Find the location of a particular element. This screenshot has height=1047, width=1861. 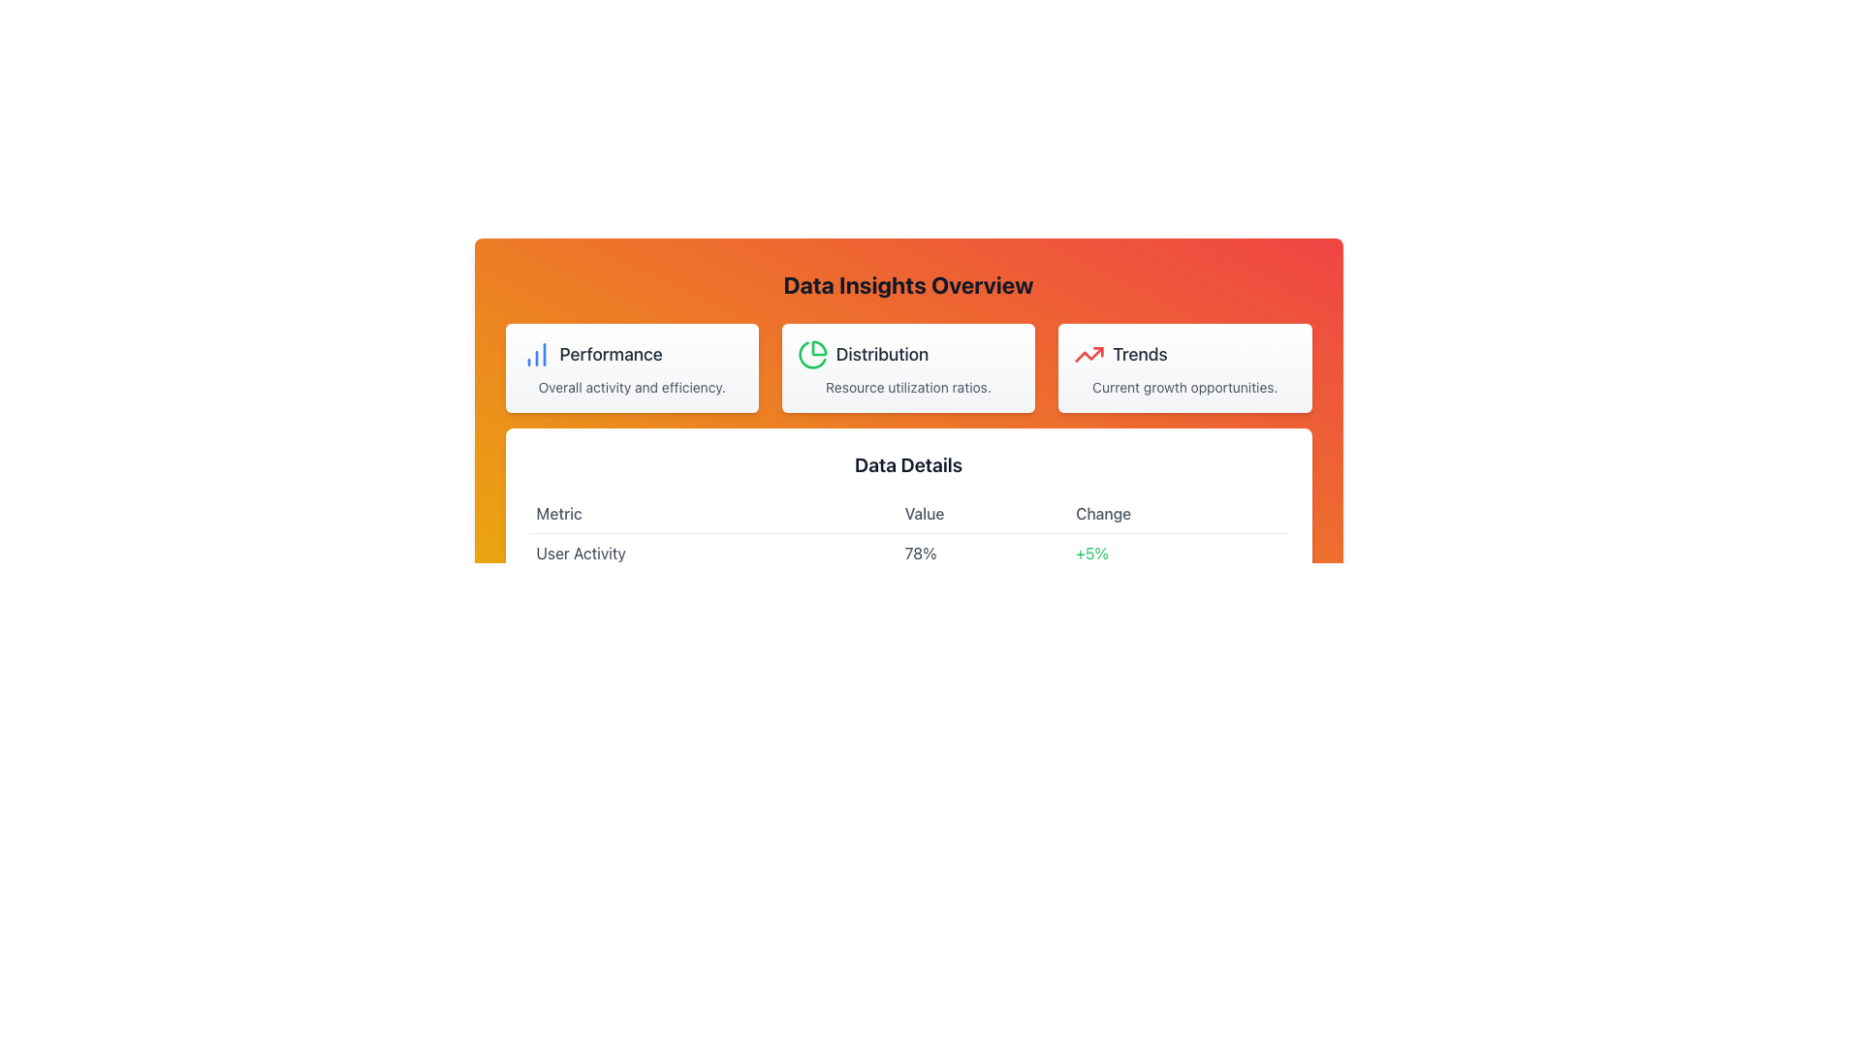

the 'Performance' informational card located at the top-left corner of the layout, which summarizes activity and efficiency metrics is located at coordinates (632, 368).